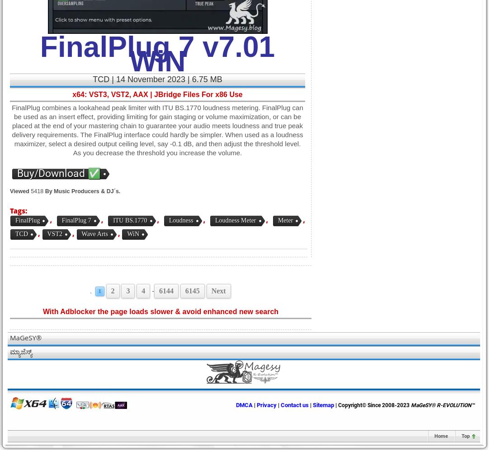  Describe the element at coordinates (94, 233) in the screenshot. I see `'Wave Arts'` at that location.